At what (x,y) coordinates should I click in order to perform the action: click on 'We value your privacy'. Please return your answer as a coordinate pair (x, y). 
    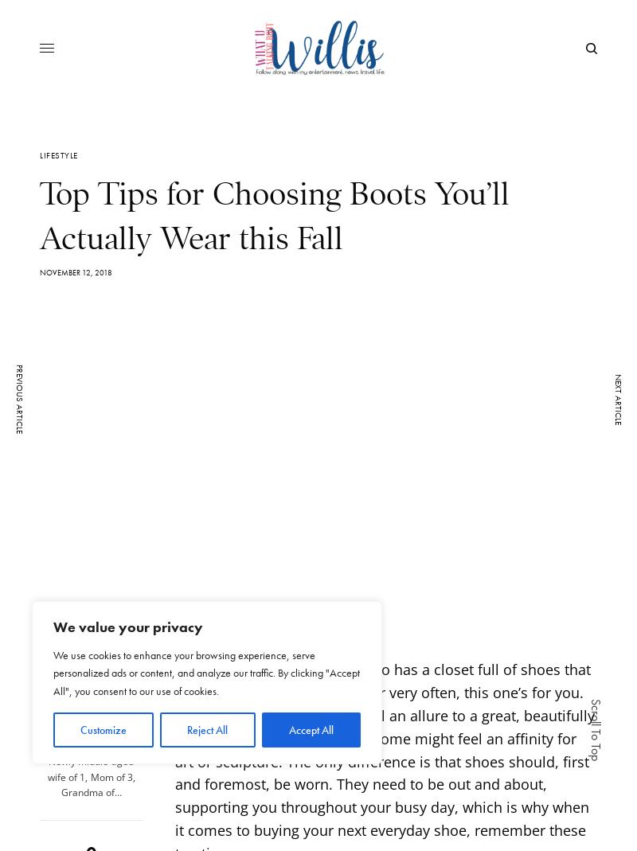
    Looking at the image, I should click on (53, 626).